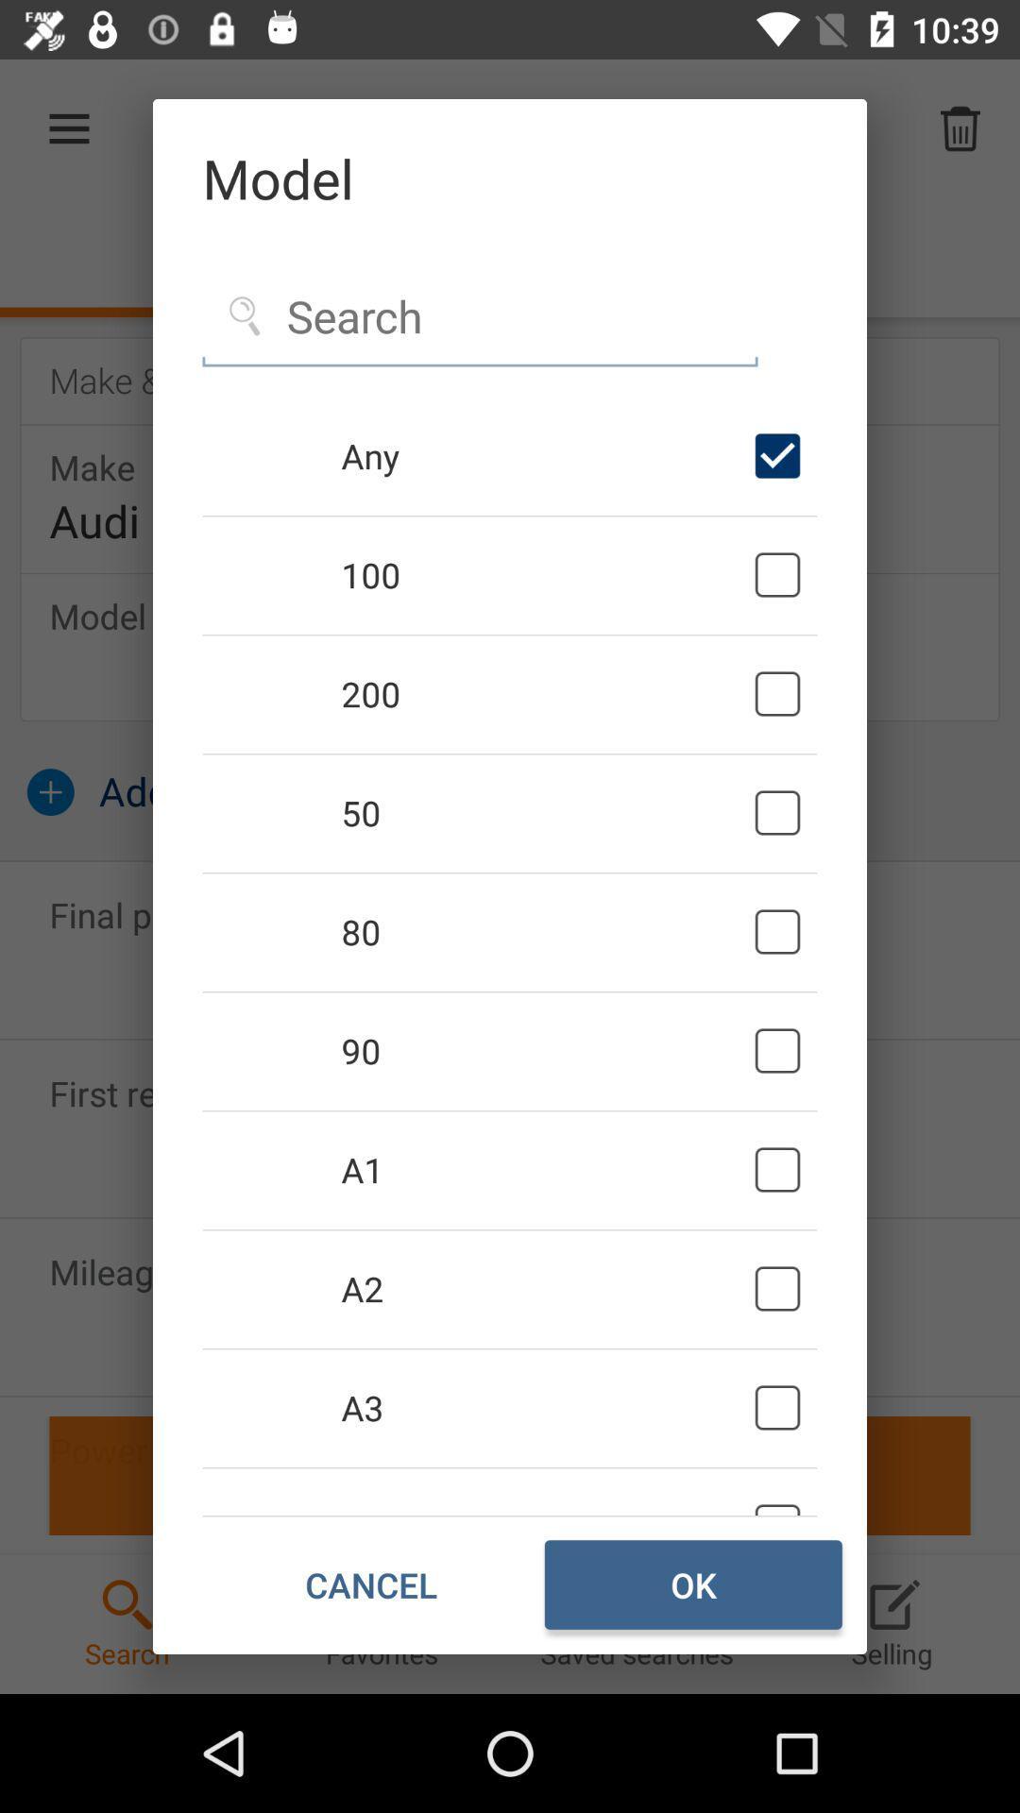 The width and height of the screenshot is (1020, 1813). What do you see at coordinates (693, 1584) in the screenshot?
I see `item next to cancel item` at bounding box center [693, 1584].